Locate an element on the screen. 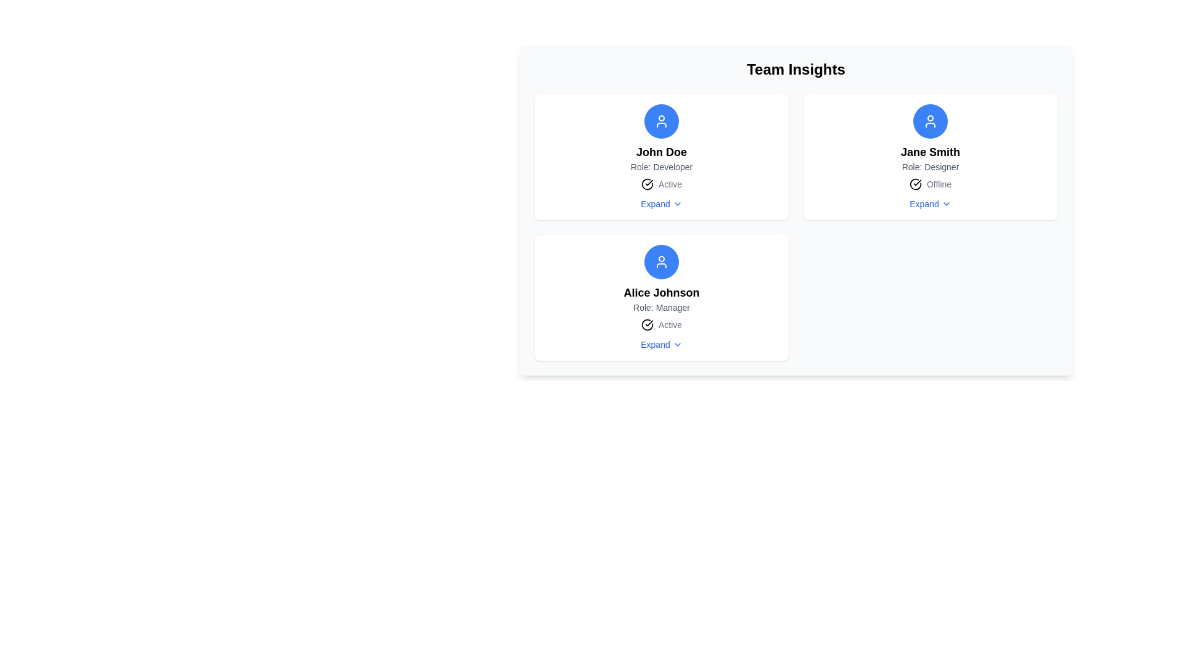  the user avatar icon located in the top-left card of the grid structure, which is labeled 'John Doe' is located at coordinates (661, 121).